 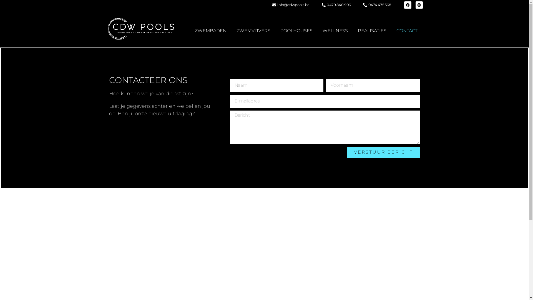 What do you see at coordinates (376, 5) in the screenshot?
I see `'0474 475 568'` at bounding box center [376, 5].